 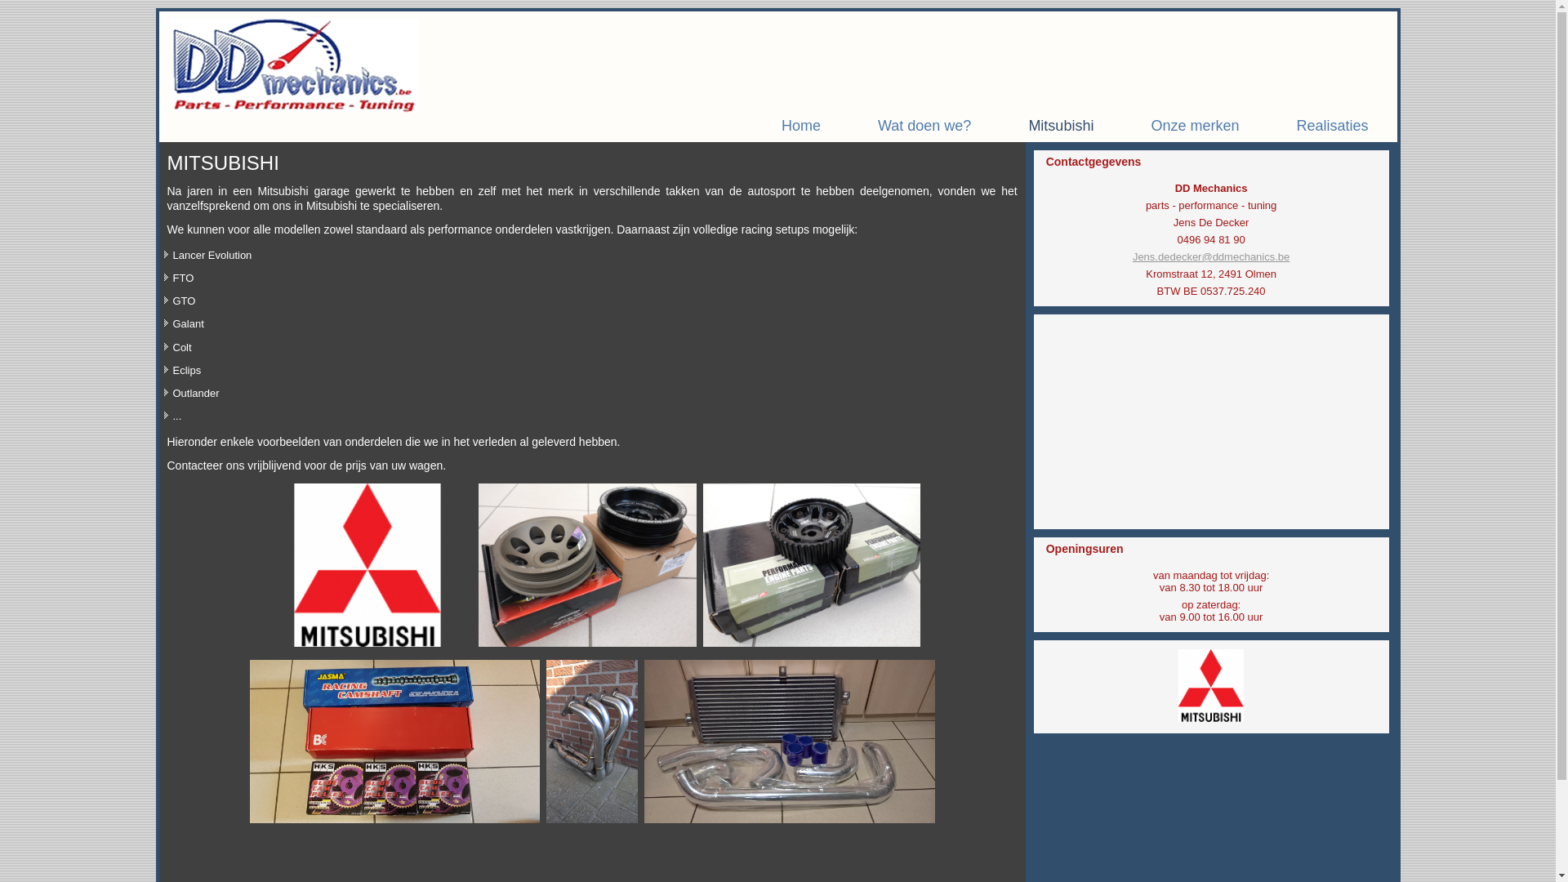 What do you see at coordinates (1211, 256) in the screenshot?
I see `'Jens.dedecker@ddmechanics.be'` at bounding box center [1211, 256].